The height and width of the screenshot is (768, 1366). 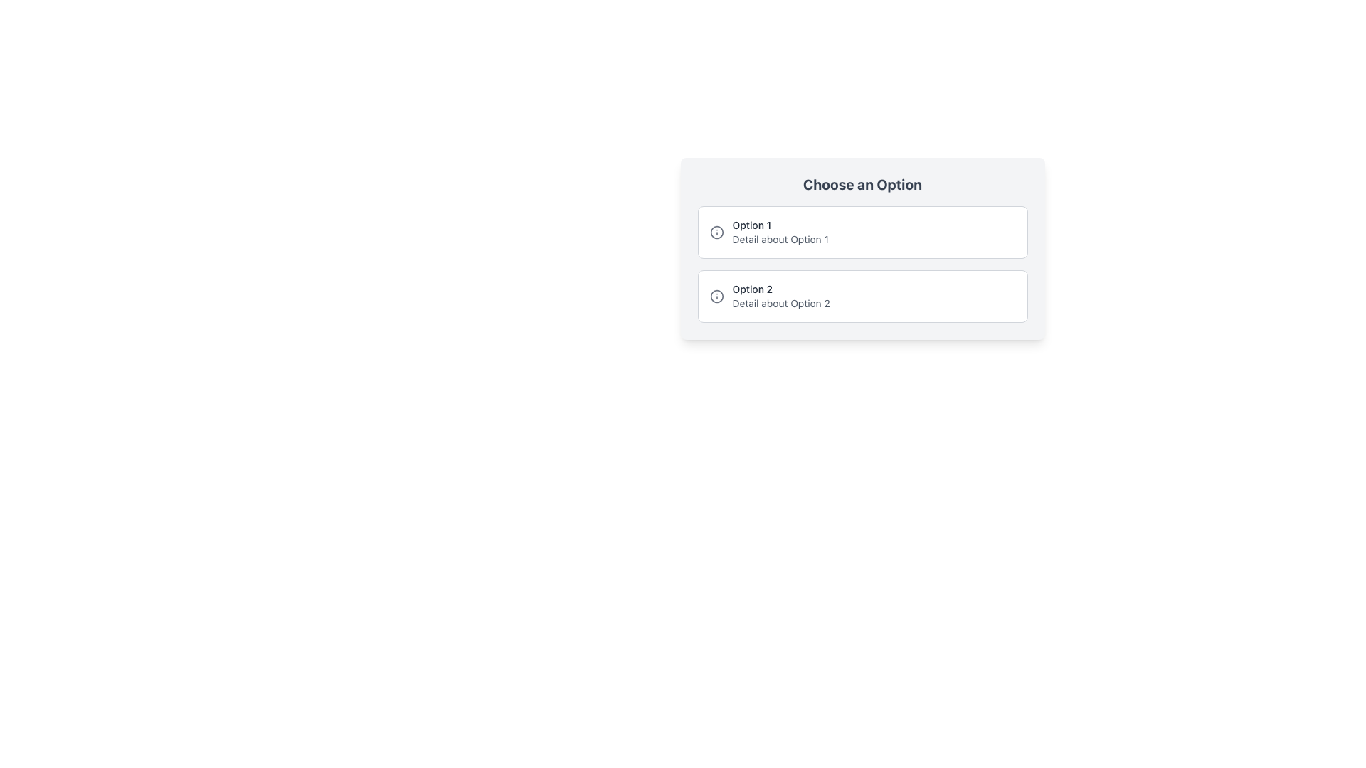 What do you see at coordinates (862, 232) in the screenshot?
I see `the first interactive list item labeled 'Option 1'` at bounding box center [862, 232].